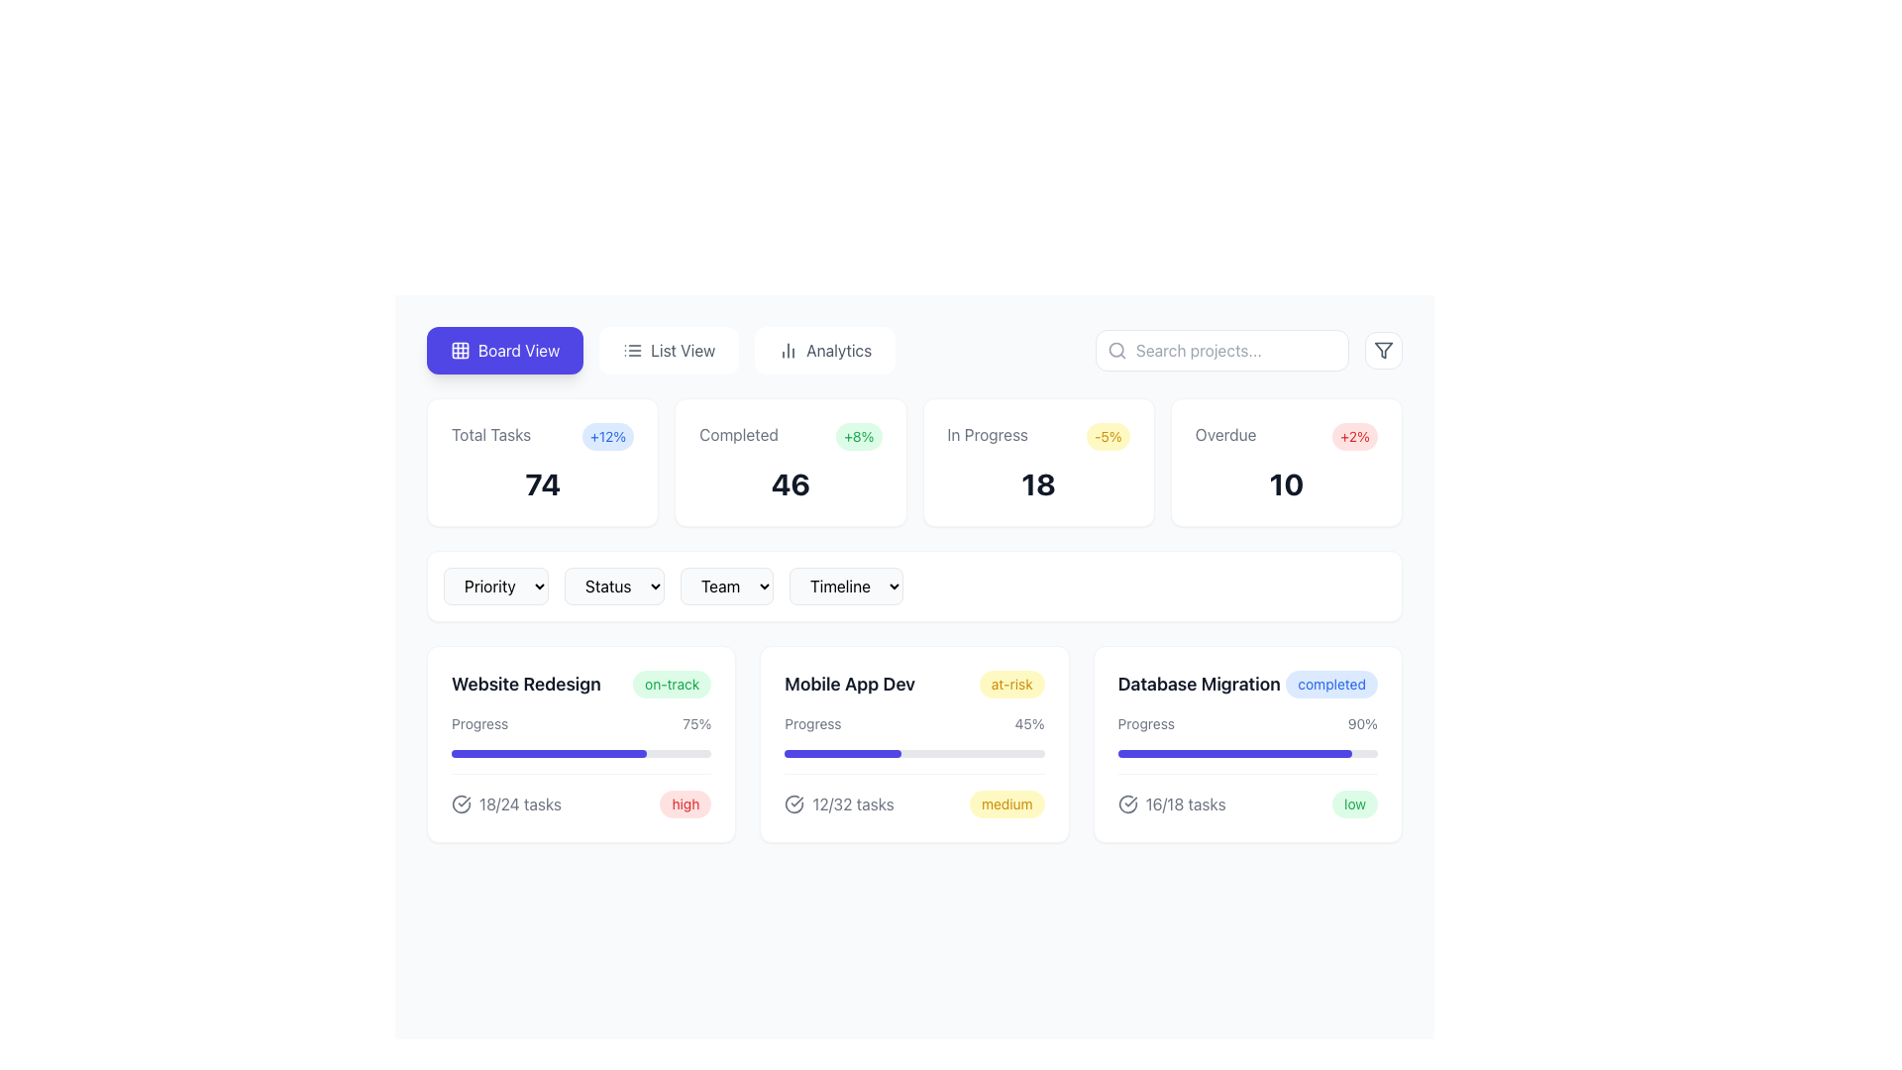 Image resolution: width=1902 pixels, height=1070 pixels. Describe the element at coordinates (1331, 683) in the screenshot. I see `the status indicator badge that marks the 'Database Migration' task as completed, located to the right of the 'Database Migration' text in the last column of the project cards section` at that location.